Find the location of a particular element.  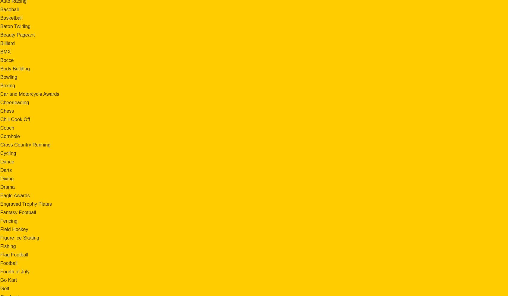

'Cross Country Running' is located at coordinates (25, 144).